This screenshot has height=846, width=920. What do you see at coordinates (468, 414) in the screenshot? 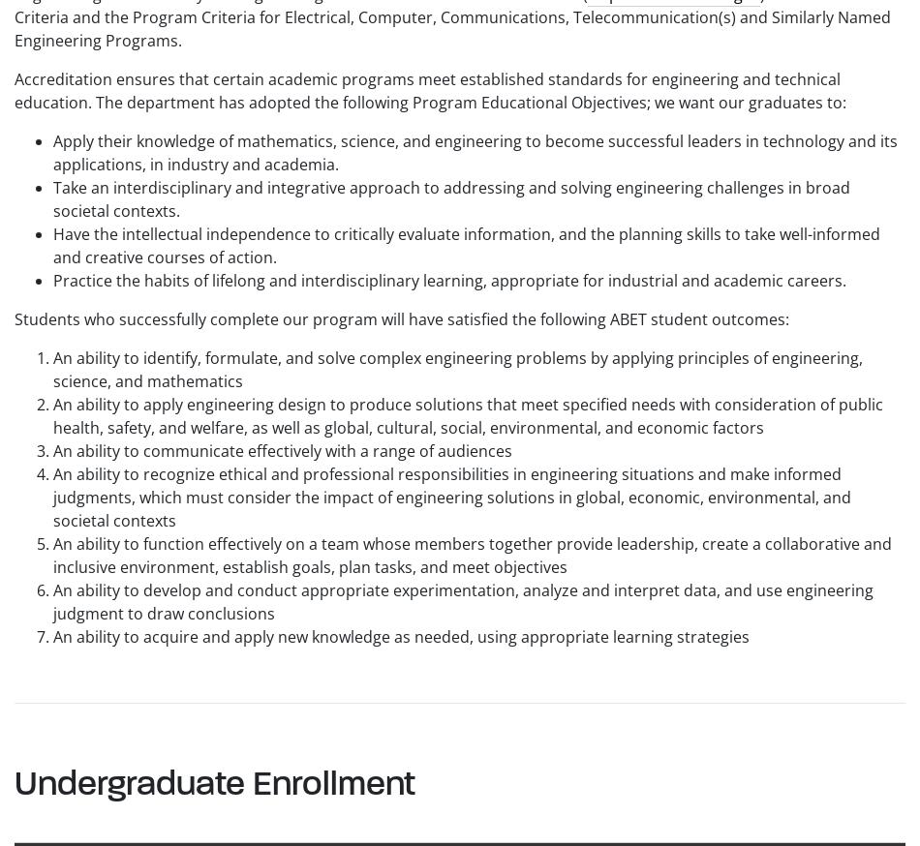
I see `'An ability to apply engineering design to produce solutions that meet specified needs with consideration of public health, safety, and welfare, as well as global, cultural, social, environmental, and economic factors'` at bounding box center [468, 414].